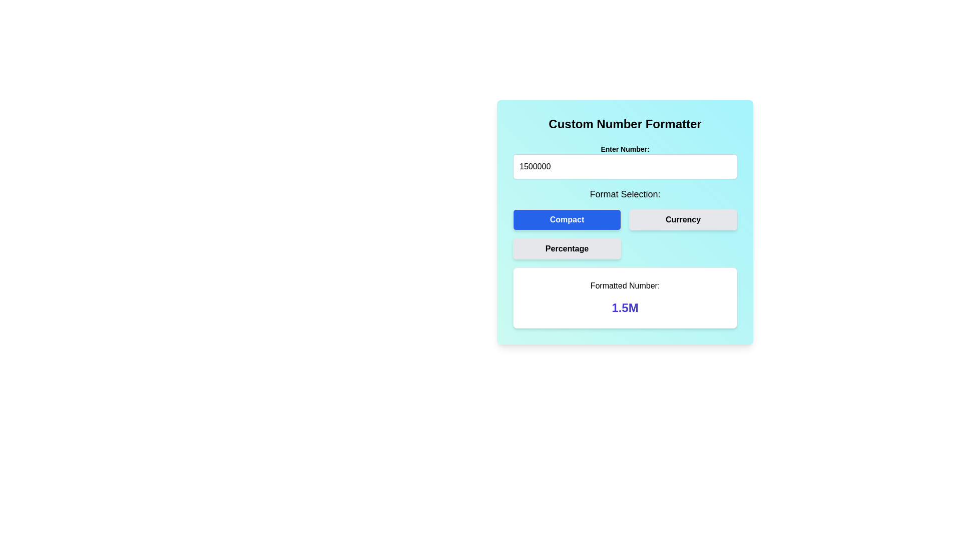  Describe the element at coordinates (624, 221) in the screenshot. I see `the first button in the format selection section to choose the 'Compact' formatting option for a number` at that location.